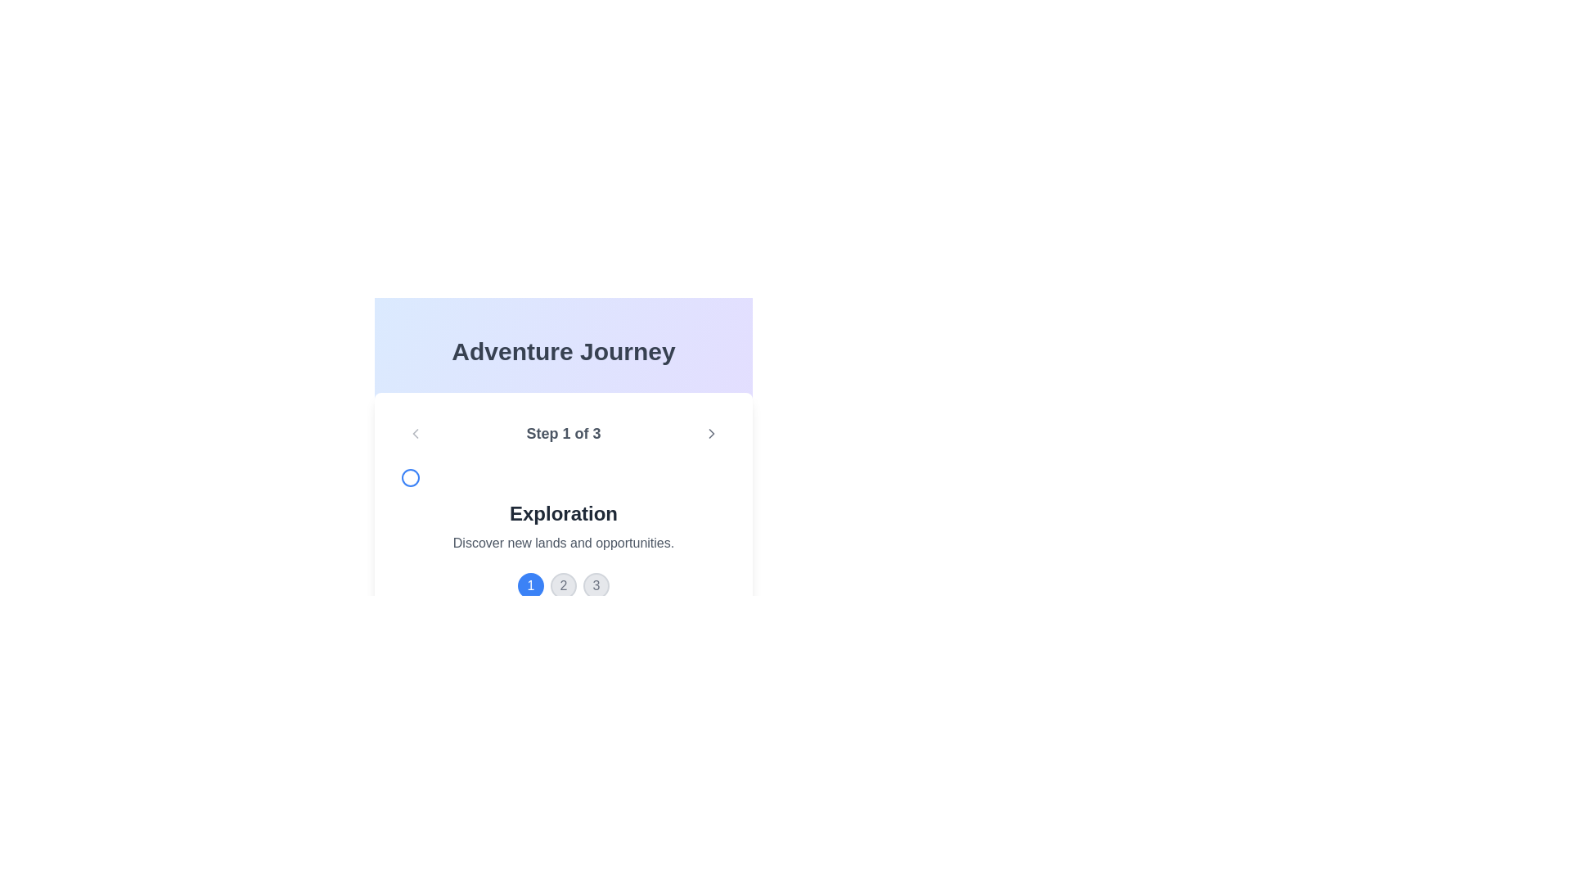  What do you see at coordinates (564, 585) in the screenshot?
I see `the second navigation button indicating the second step in a multi-step process, positioned below the text 'Exploration'` at bounding box center [564, 585].